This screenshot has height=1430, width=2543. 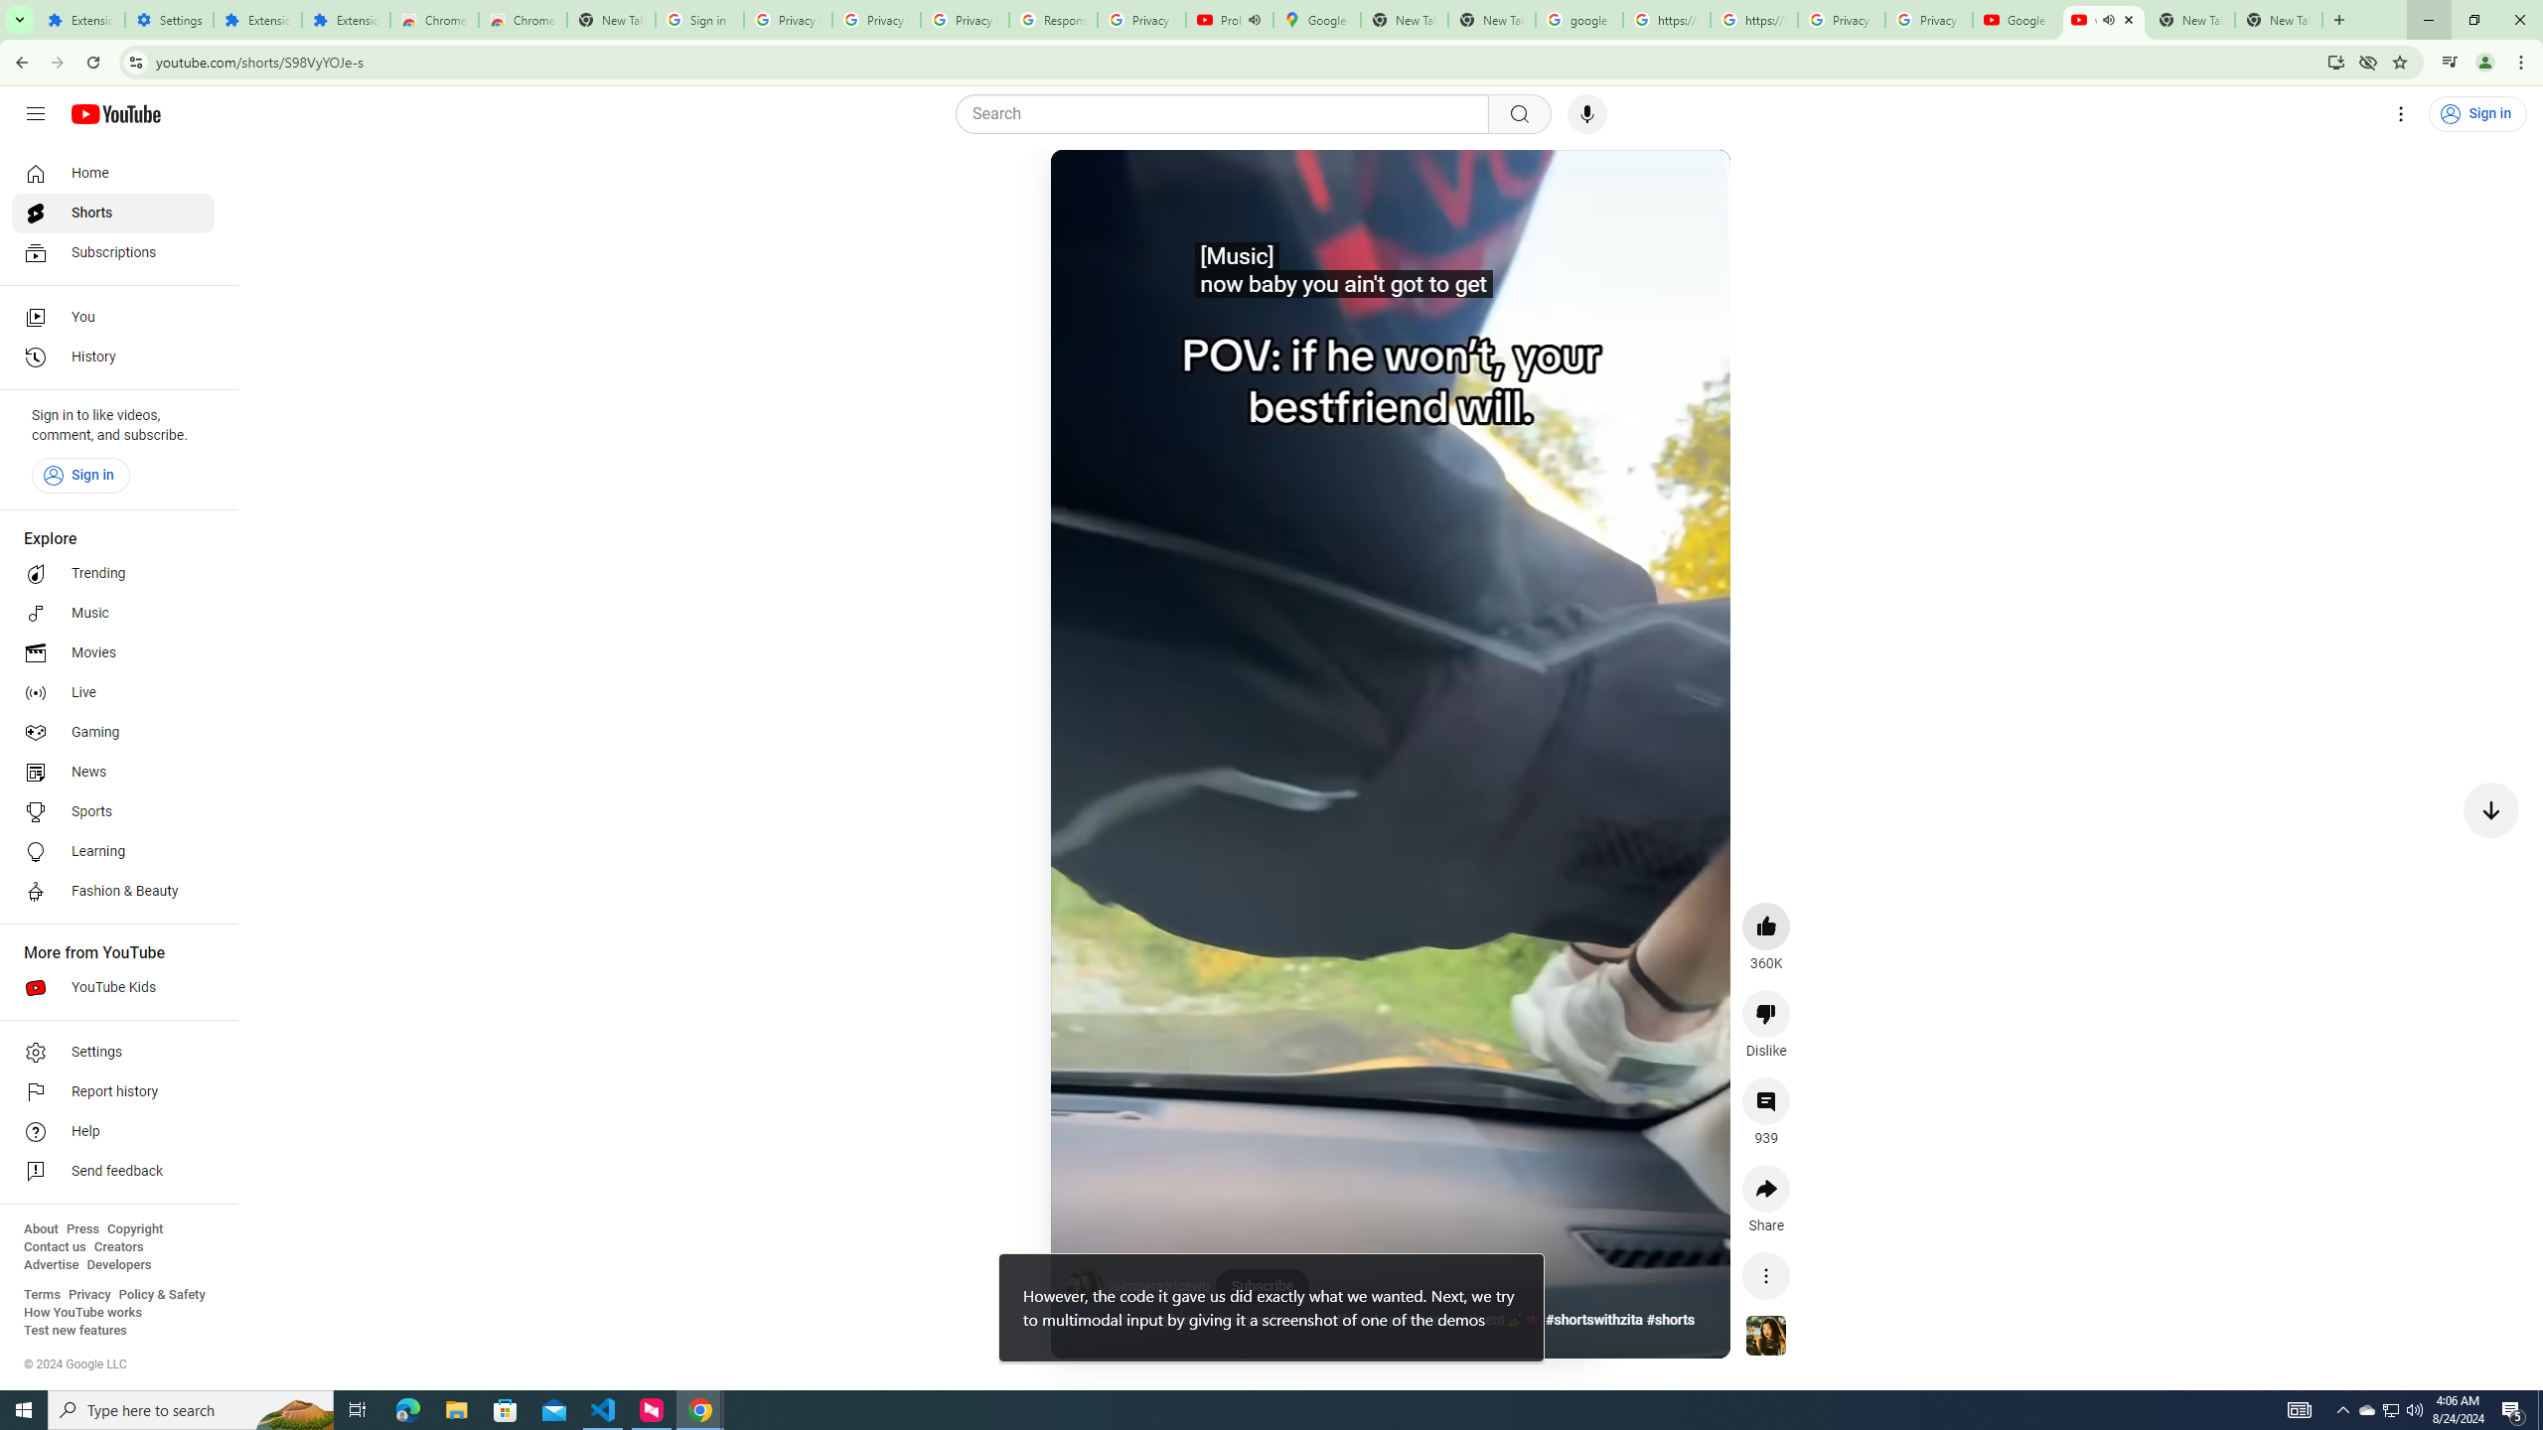 What do you see at coordinates (112, 772) in the screenshot?
I see `'News'` at bounding box center [112, 772].